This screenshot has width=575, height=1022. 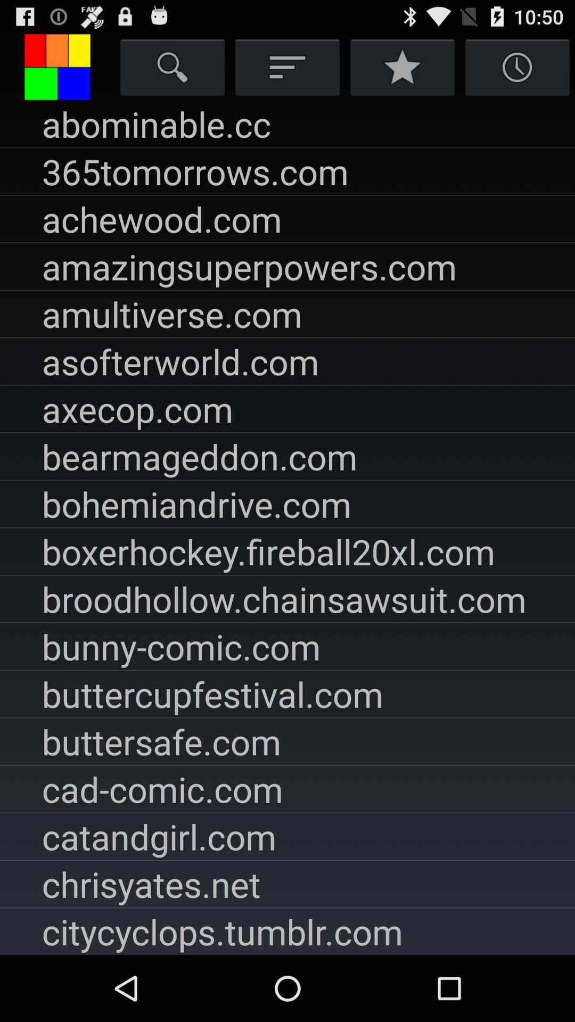 What do you see at coordinates (287, 71) in the screenshot?
I see `the filter_list icon` at bounding box center [287, 71].